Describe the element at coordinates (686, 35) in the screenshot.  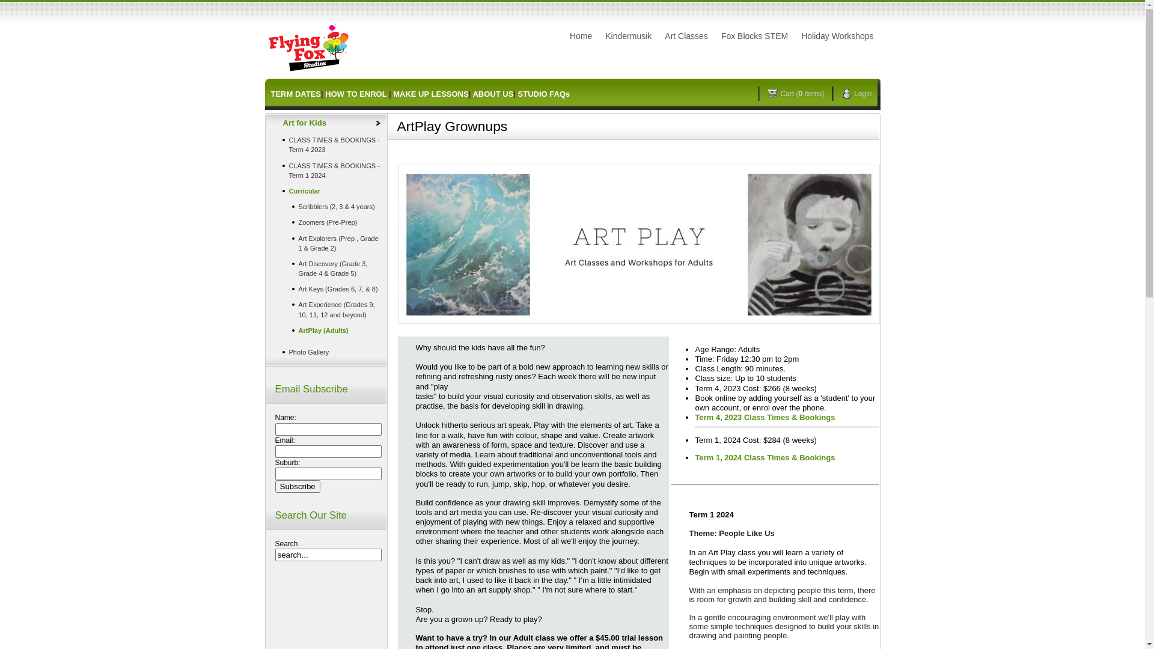
I see `'Art Classes'` at that location.